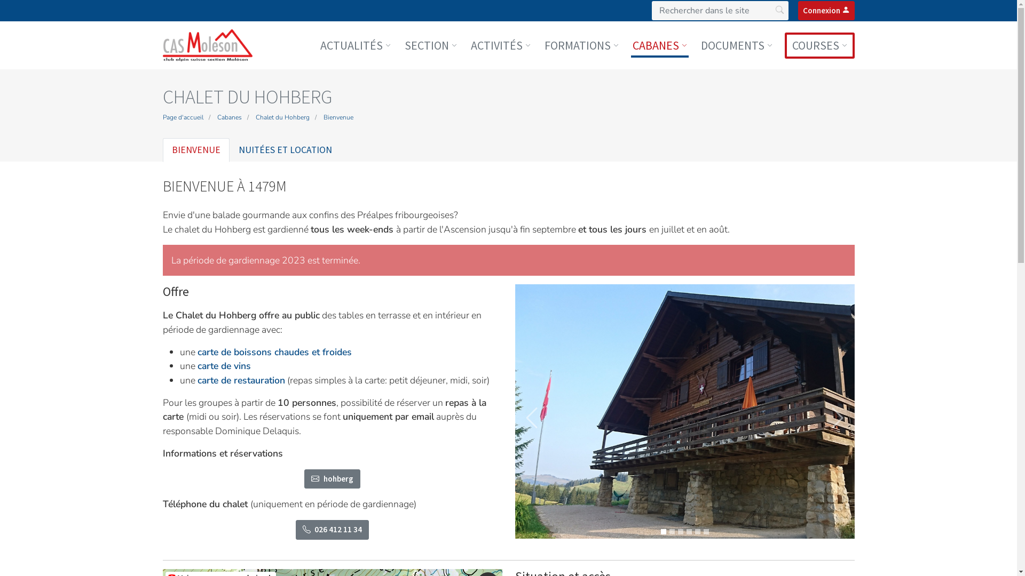  What do you see at coordinates (195, 150) in the screenshot?
I see `'BIENVENUE'` at bounding box center [195, 150].